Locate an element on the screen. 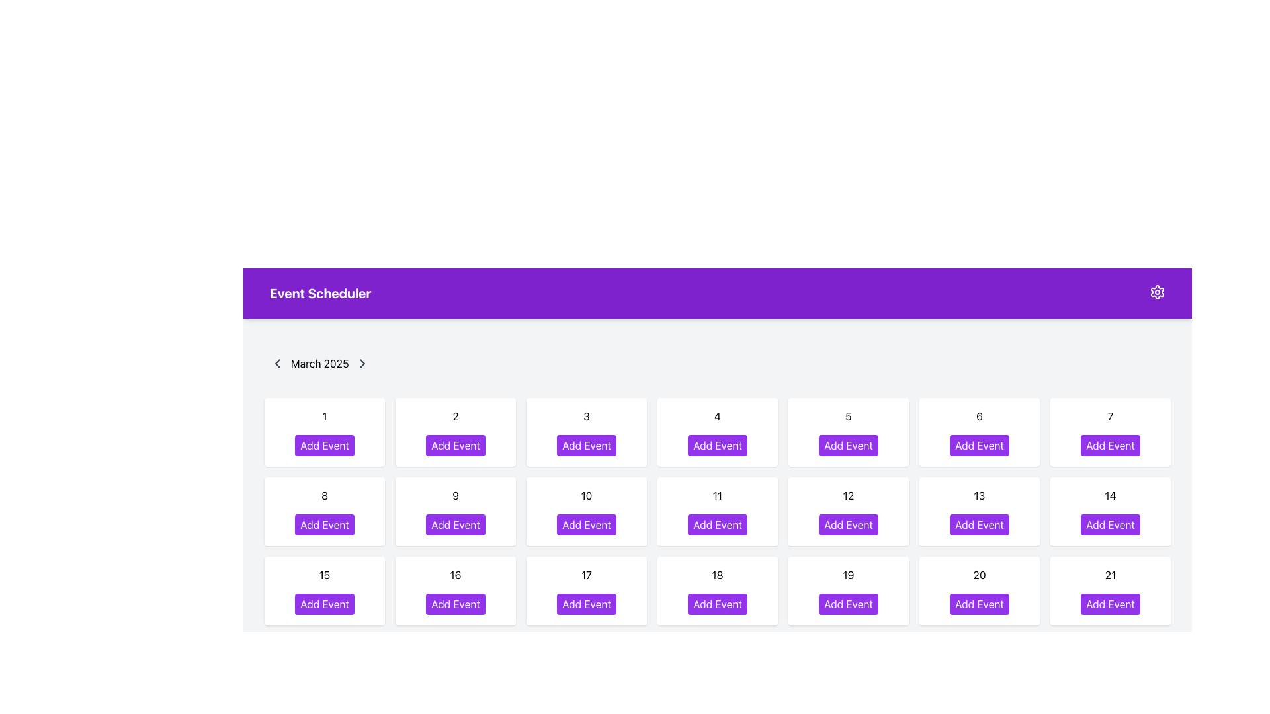 The image size is (1270, 714). the 'Add Event' button is located at coordinates (456, 604).